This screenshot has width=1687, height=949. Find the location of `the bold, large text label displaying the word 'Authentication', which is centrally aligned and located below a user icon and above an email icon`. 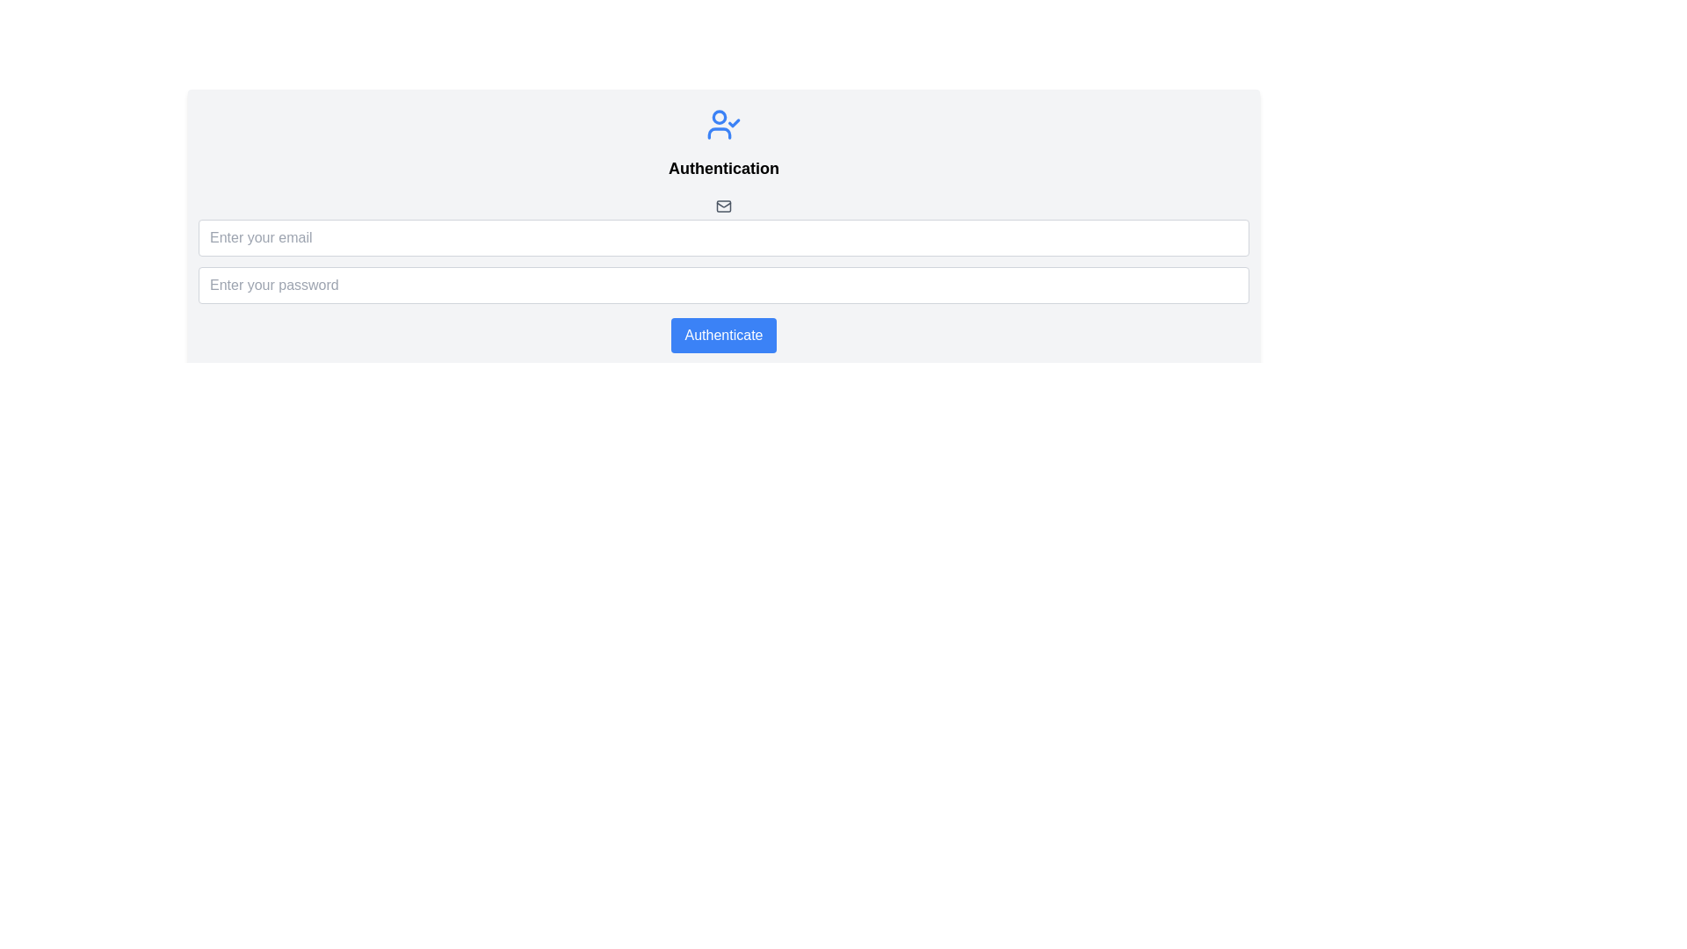

the bold, large text label displaying the word 'Authentication', which is centrally aligned and located below a user icon and above an email icon is located at coordinates (724, 169).